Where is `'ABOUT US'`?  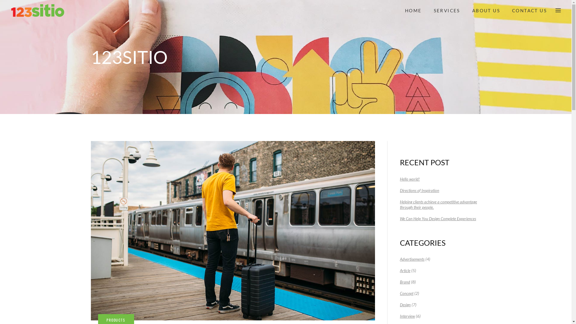 'ABOUT US' is located at coordinates (486, 10).